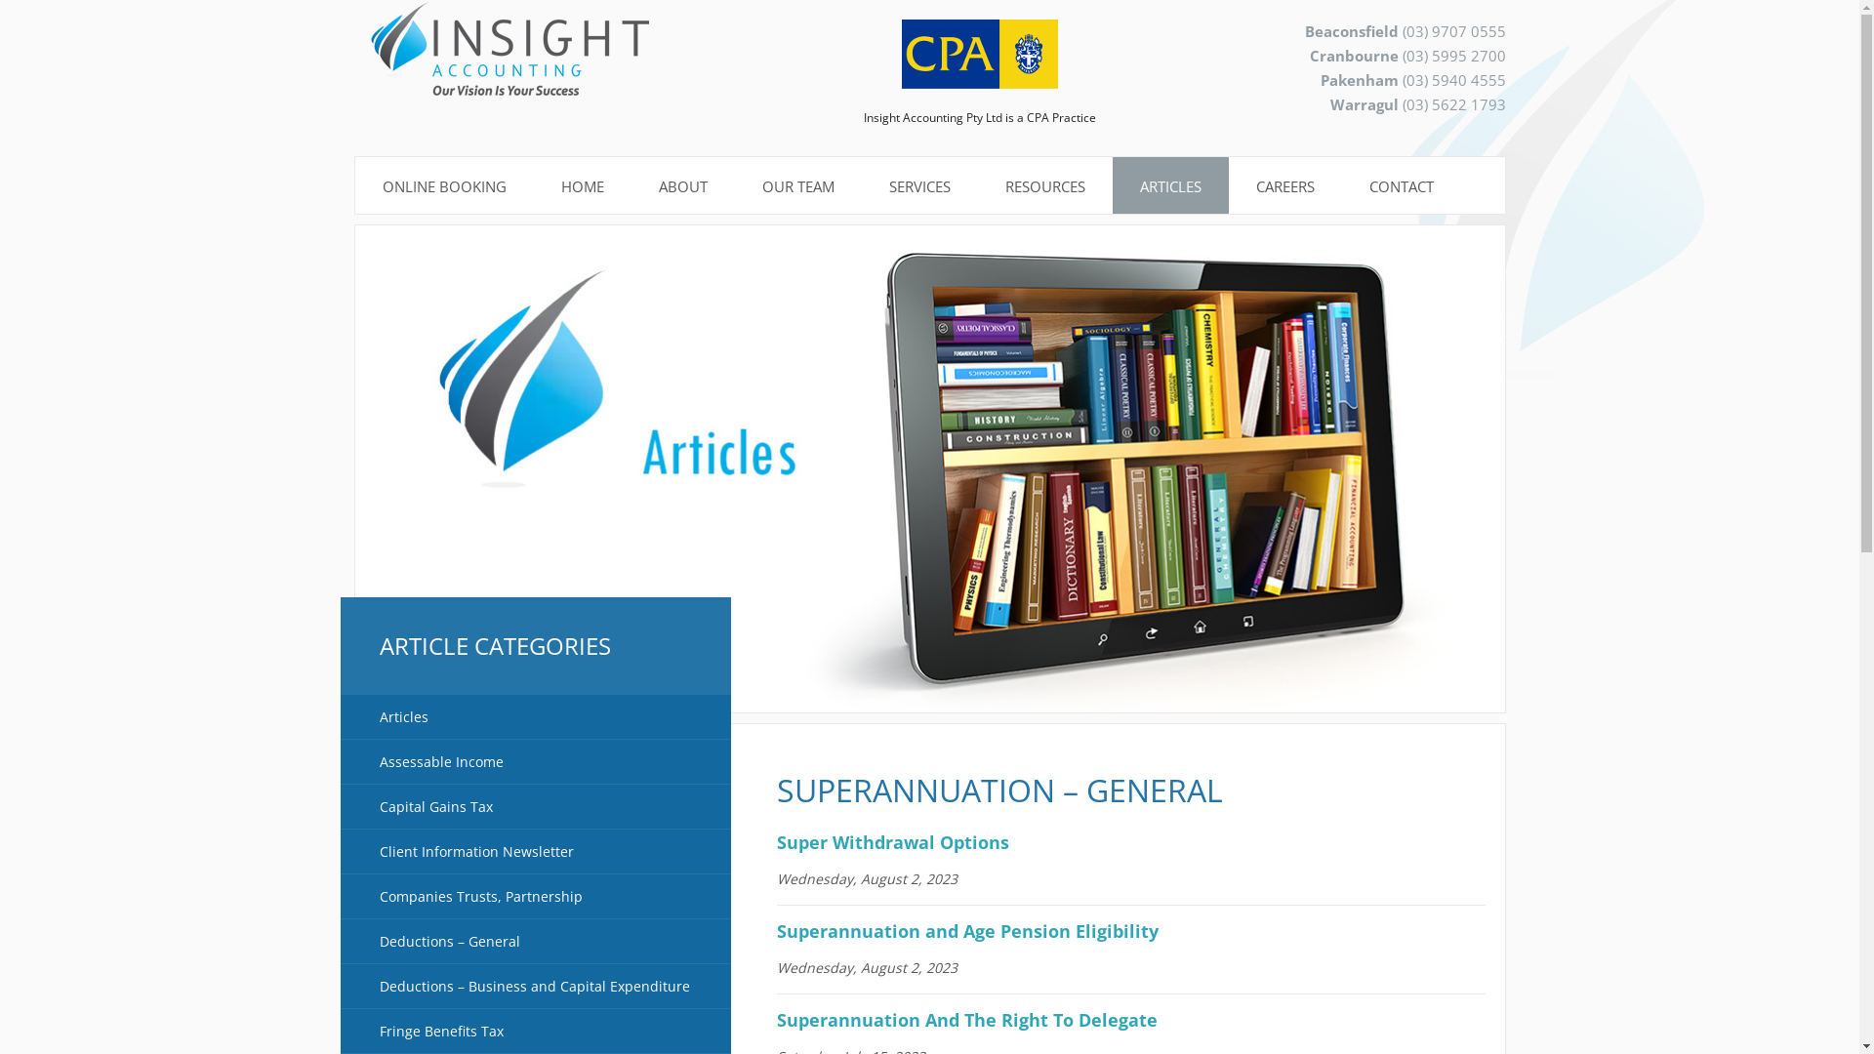 The height and width of the screenshot is (1054, 1874). I want to click on 'Super Withdrawal Options', so click(892, 841).